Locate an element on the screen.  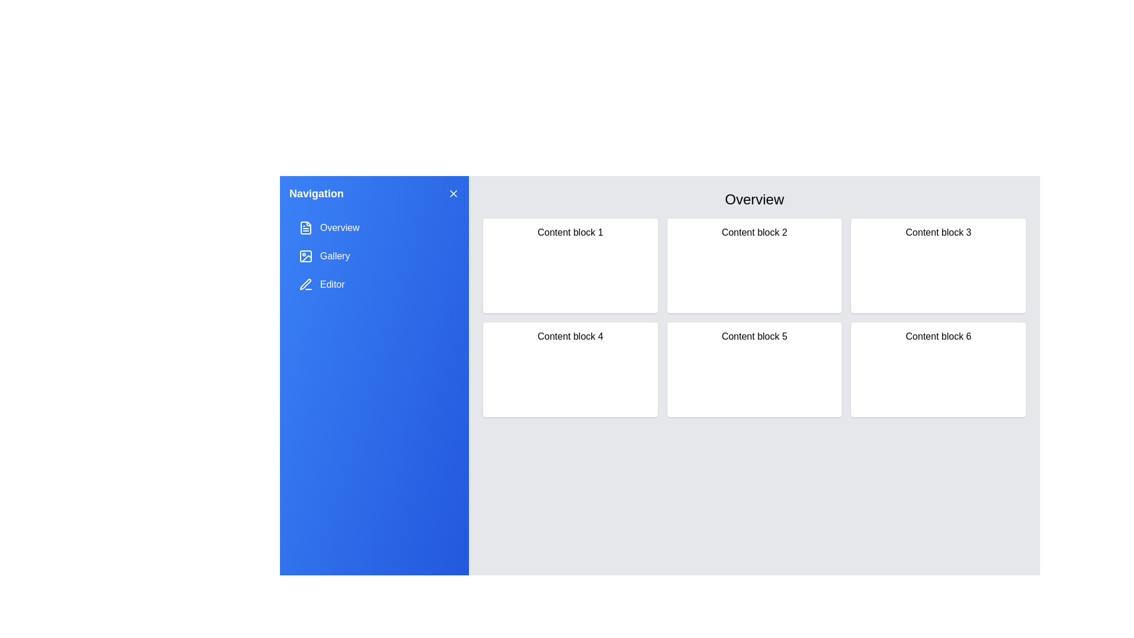
the Editor section from the navigation menu is located at coordinates (373, 285).